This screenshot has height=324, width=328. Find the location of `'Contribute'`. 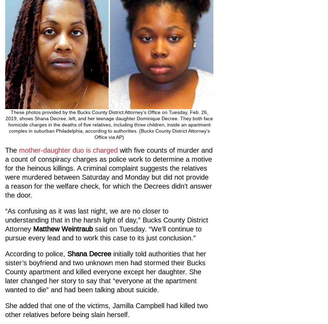

'Contribute' is located at coordinates (29, 252).